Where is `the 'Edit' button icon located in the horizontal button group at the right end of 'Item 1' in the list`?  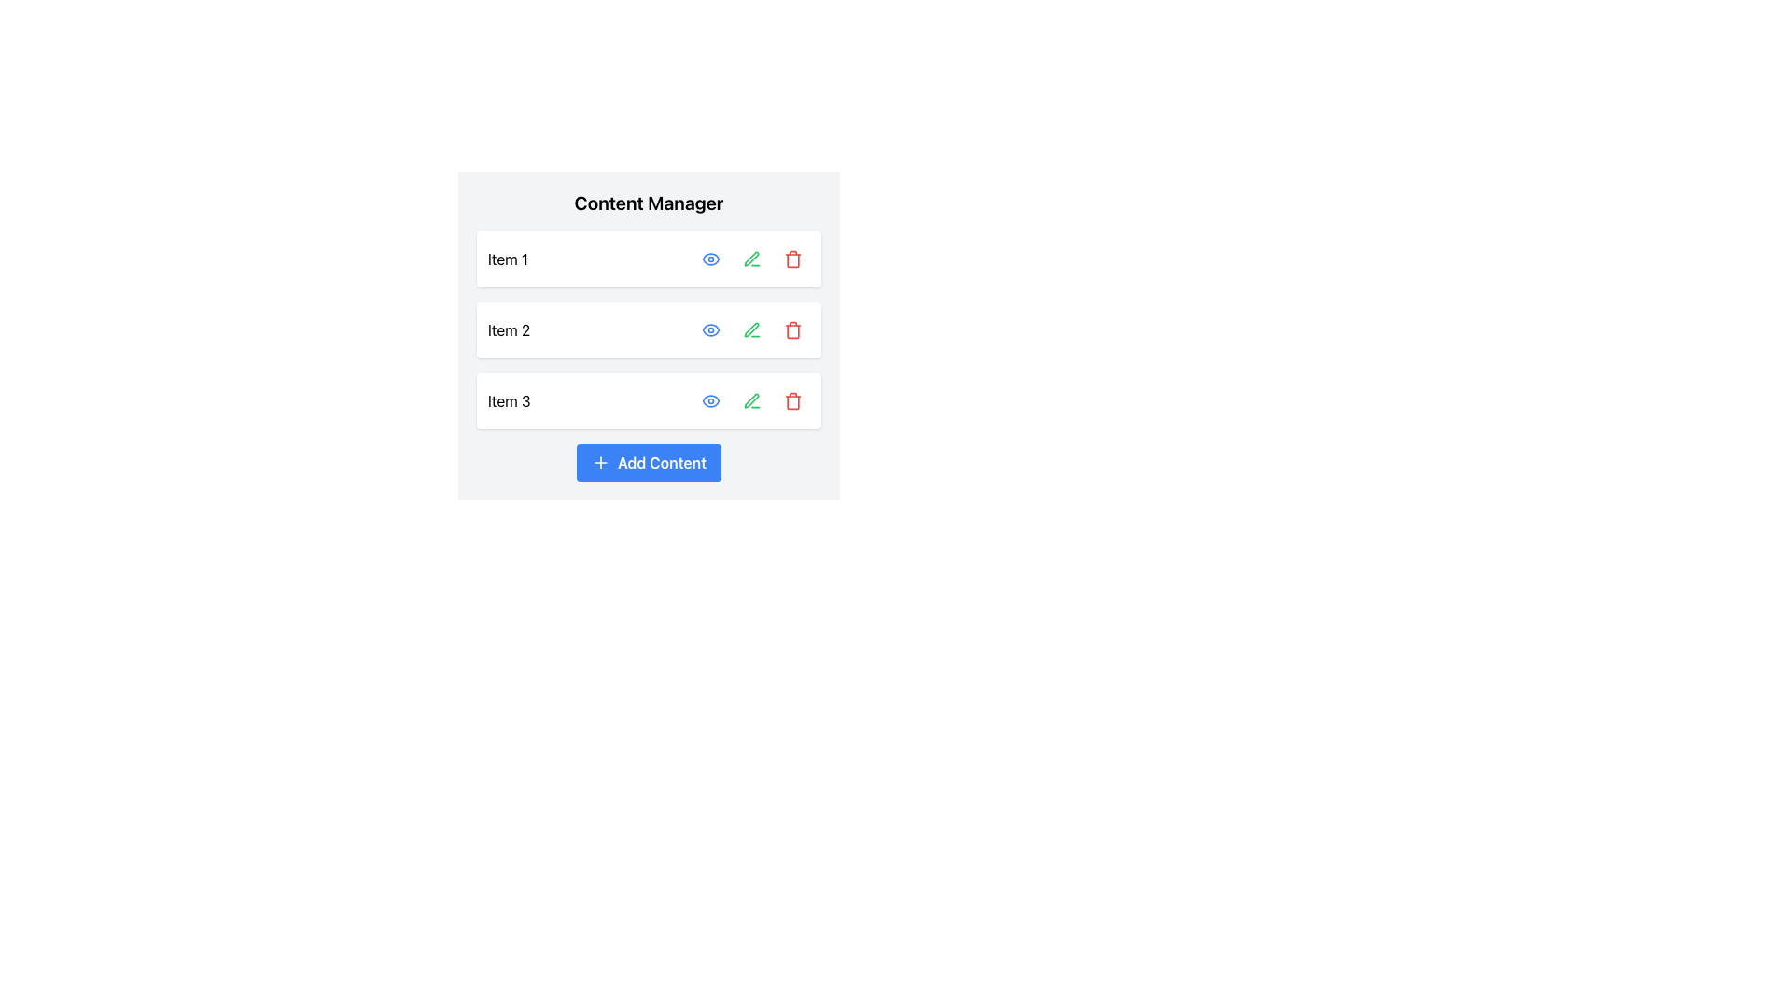 the 'Edit' button icon located in the horizontal button group at the right end of 'Item 1' in the list is located at coordinates (752, 259).